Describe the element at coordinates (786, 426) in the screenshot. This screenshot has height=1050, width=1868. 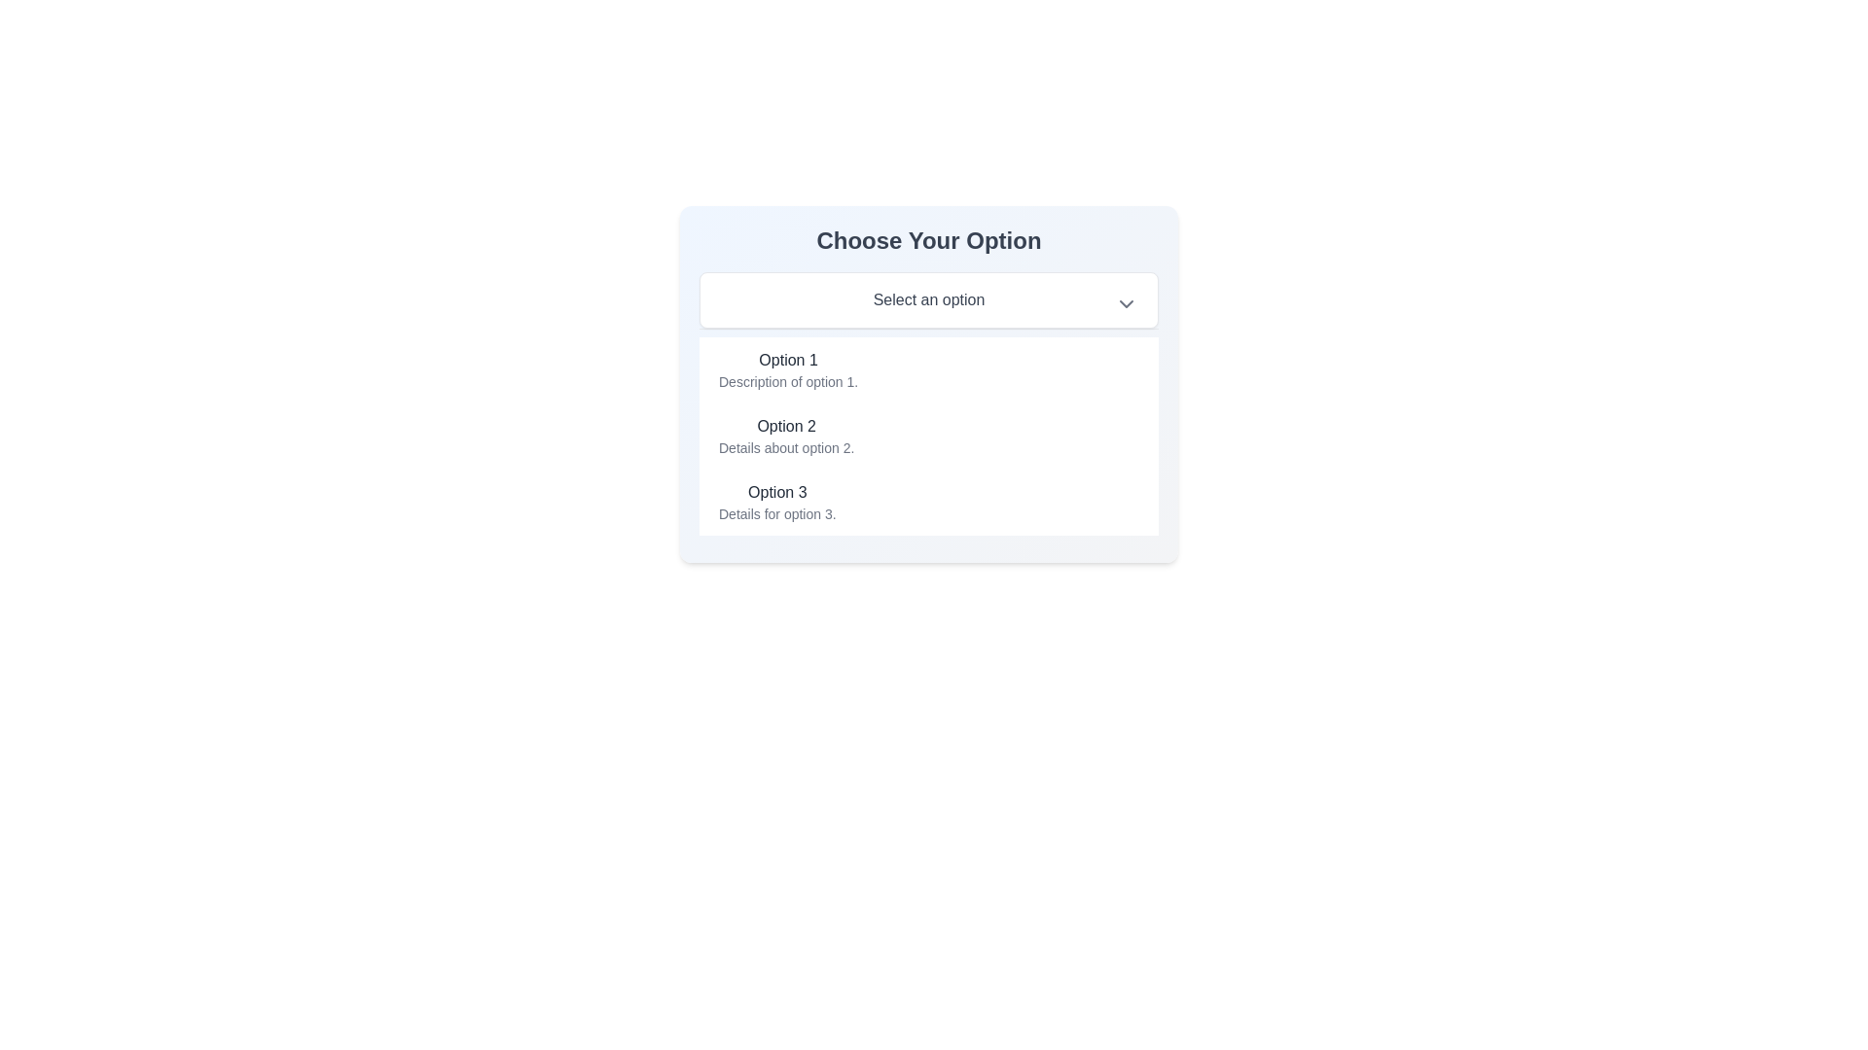
I see `the Text label that serves as a clear and distinct label for an option in the selectable list, positioned between 'Option 1' and the description text 'Details about option 2'` at that location.